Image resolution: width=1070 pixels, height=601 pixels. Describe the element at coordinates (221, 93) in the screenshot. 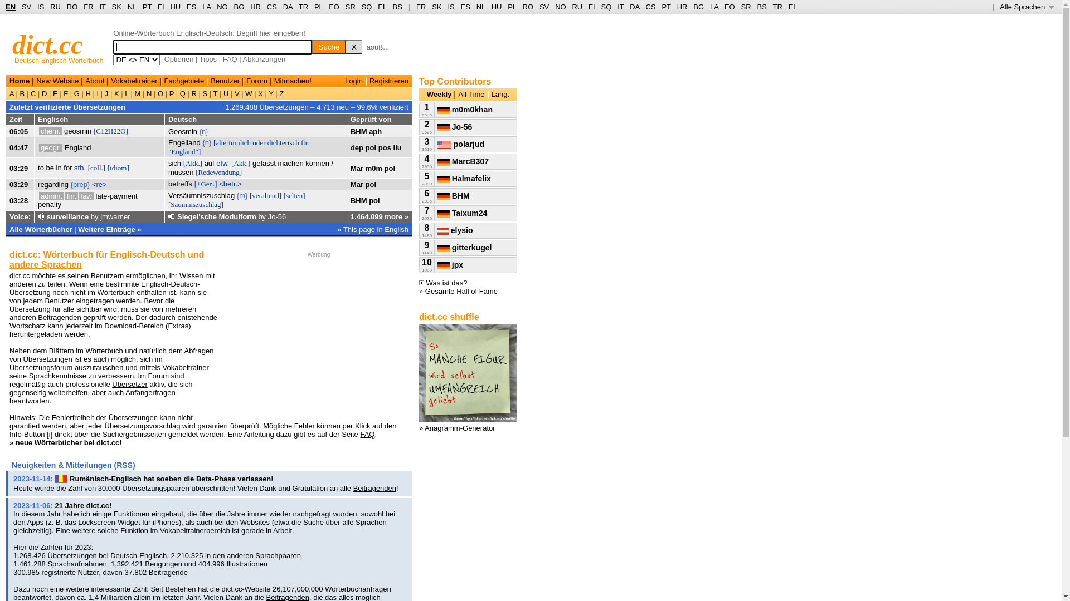

I see `'U'` at that location.